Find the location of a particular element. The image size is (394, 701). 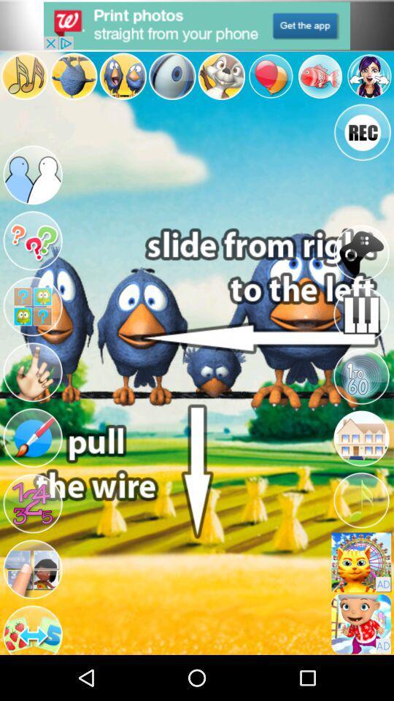

the music icon is located at coordinates (360, 535).